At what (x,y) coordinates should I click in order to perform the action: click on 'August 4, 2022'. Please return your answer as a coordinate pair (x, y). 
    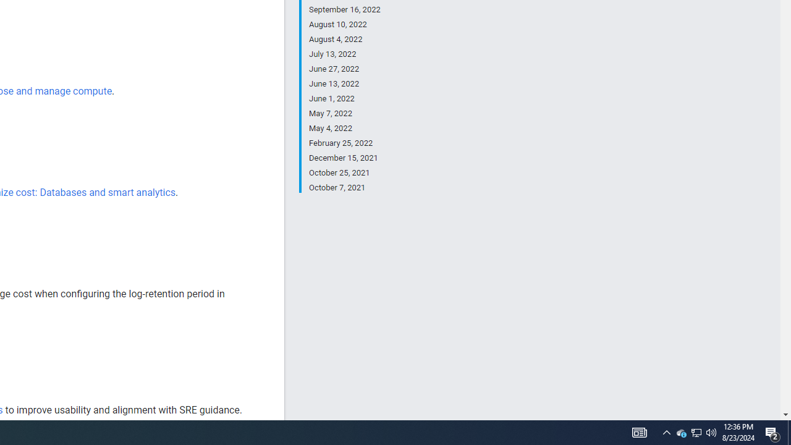
    Looking at the image, I should click on (344, 39).